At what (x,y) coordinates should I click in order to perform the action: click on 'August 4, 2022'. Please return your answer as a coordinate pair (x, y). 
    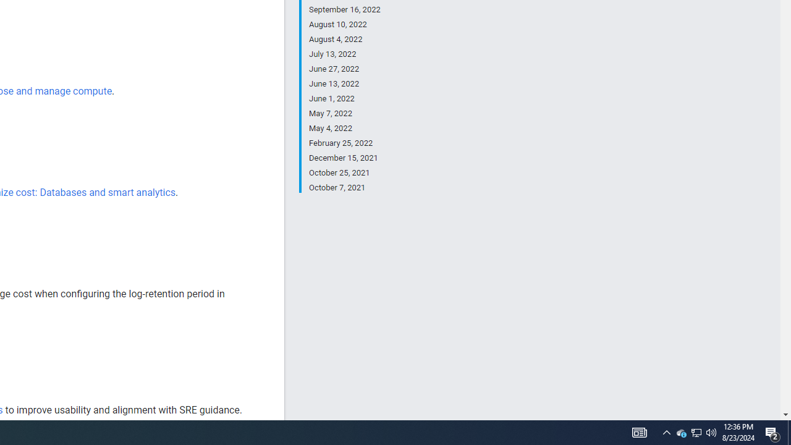
    Looking at the image, I should click on (344, 39).